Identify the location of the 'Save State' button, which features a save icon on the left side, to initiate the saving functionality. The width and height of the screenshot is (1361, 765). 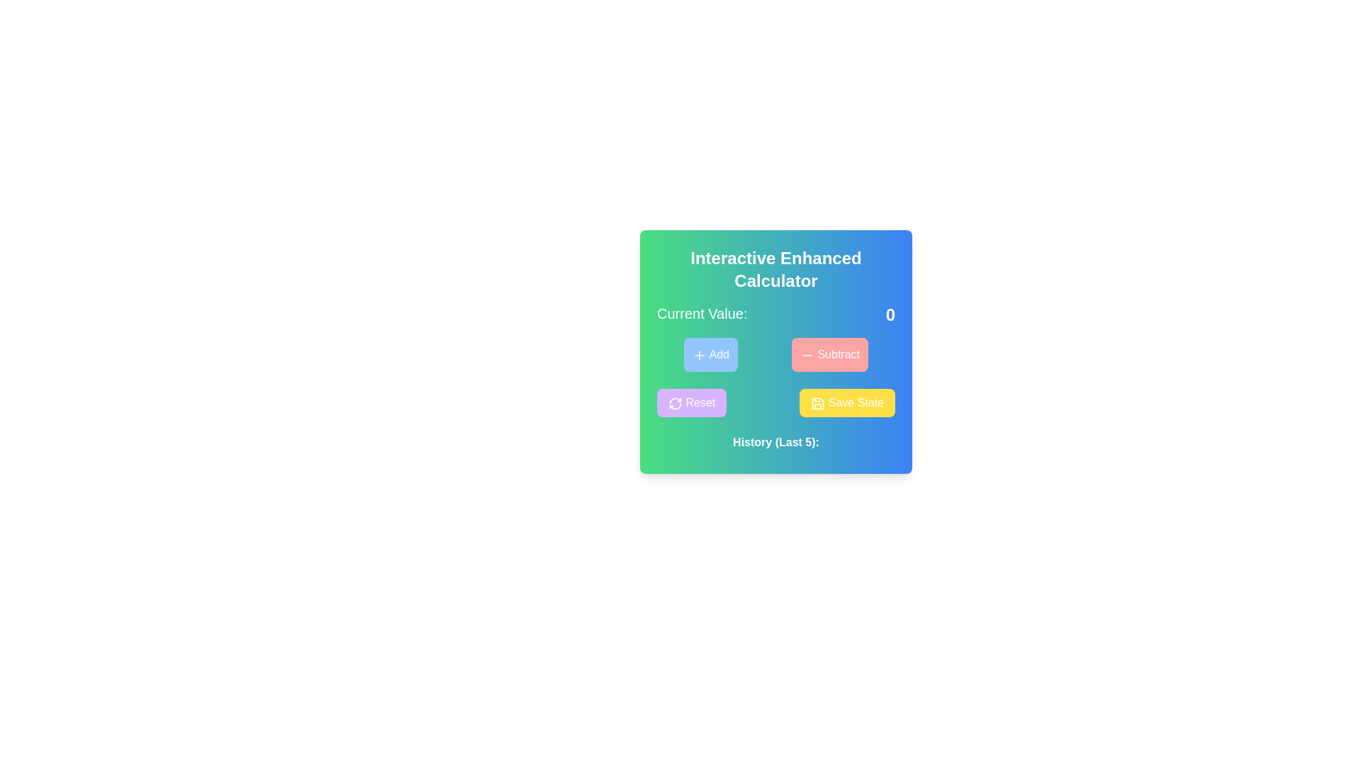
(818, 403).